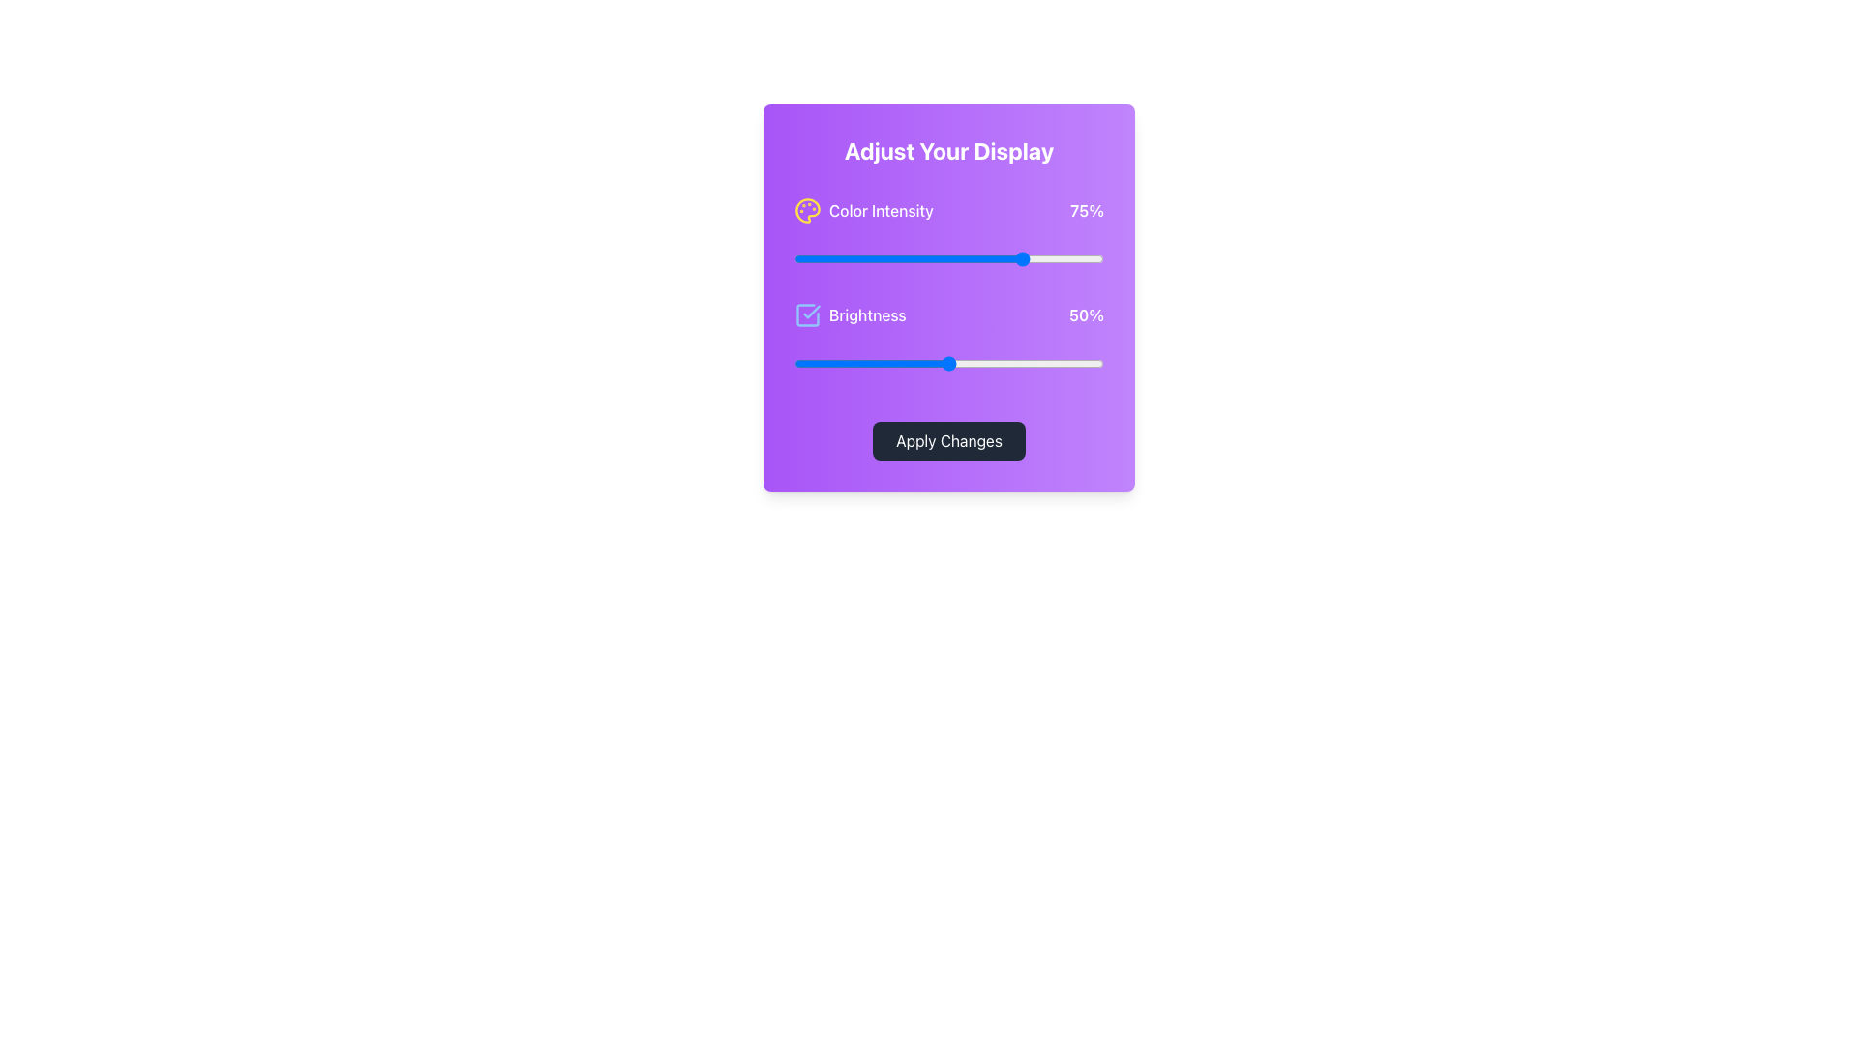 This screenshot has height=1045, width=1858. I want to click on the 'Color Intensity 75%' label with icon, which serves as a label for the associated slider control, so click(862, 211).